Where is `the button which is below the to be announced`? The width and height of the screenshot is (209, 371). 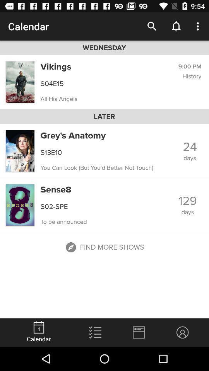 the button which is below the to be announced is located at coordinates (104, 247).